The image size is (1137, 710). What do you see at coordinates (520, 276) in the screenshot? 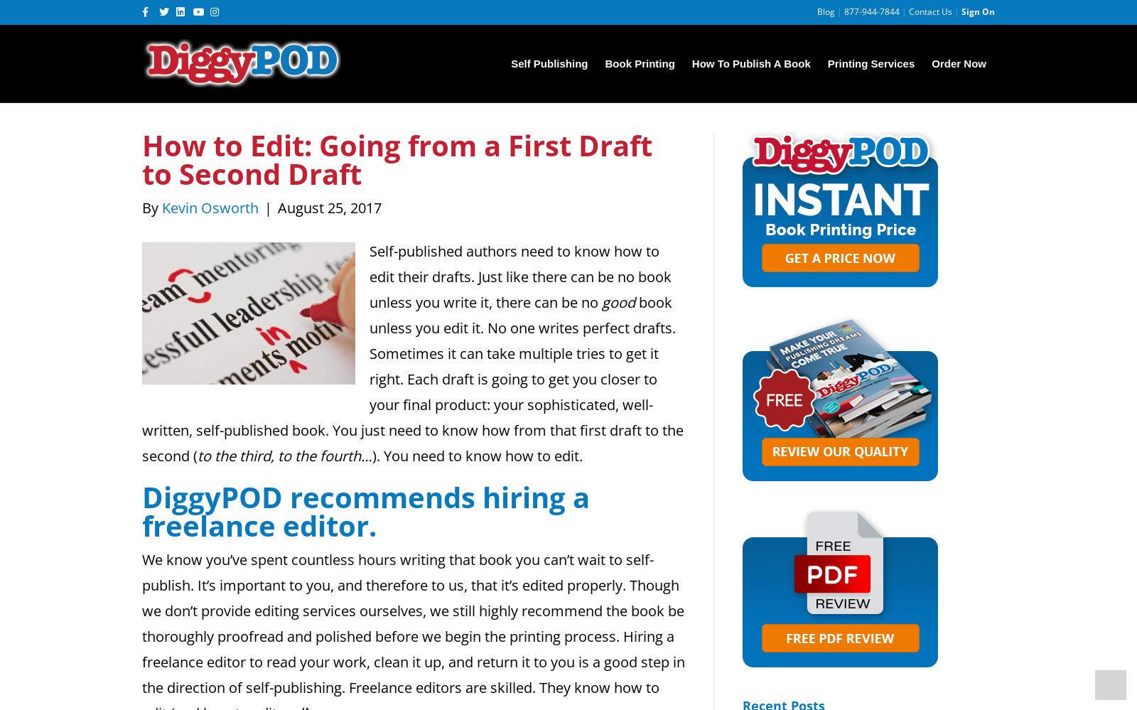
I see `'Self-published authors need to know how to edit their drafts. Just like there can be no book unless you write it, there can be no'` at bounding box center [520, 276].